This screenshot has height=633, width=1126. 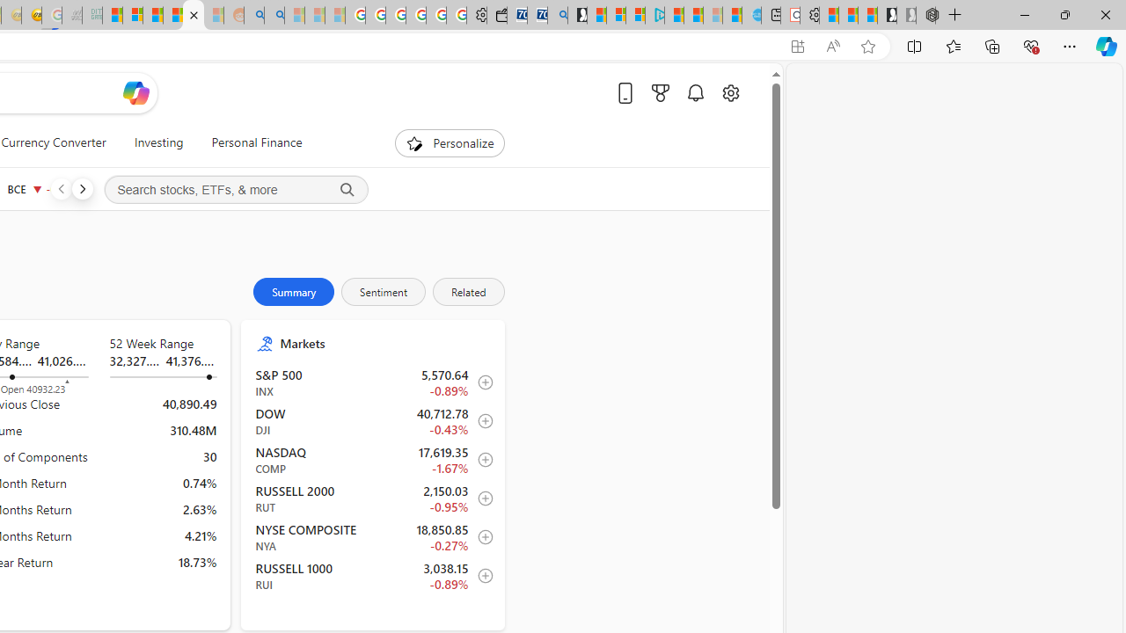 I want to click on 'Add to Watchlist', so click(x=480, y=576).